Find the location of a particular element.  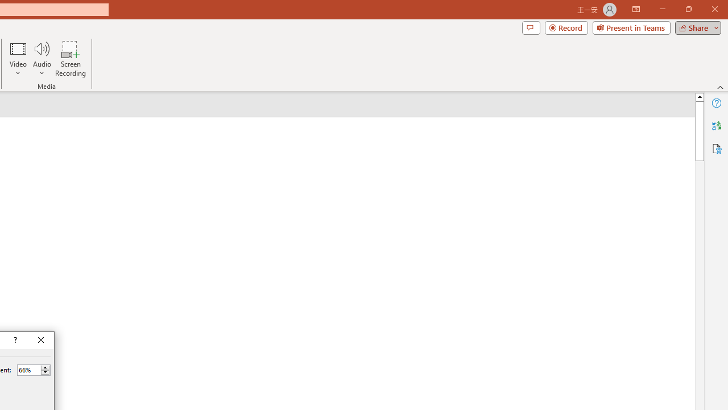

'Video' is located at coordinates (18, 59).